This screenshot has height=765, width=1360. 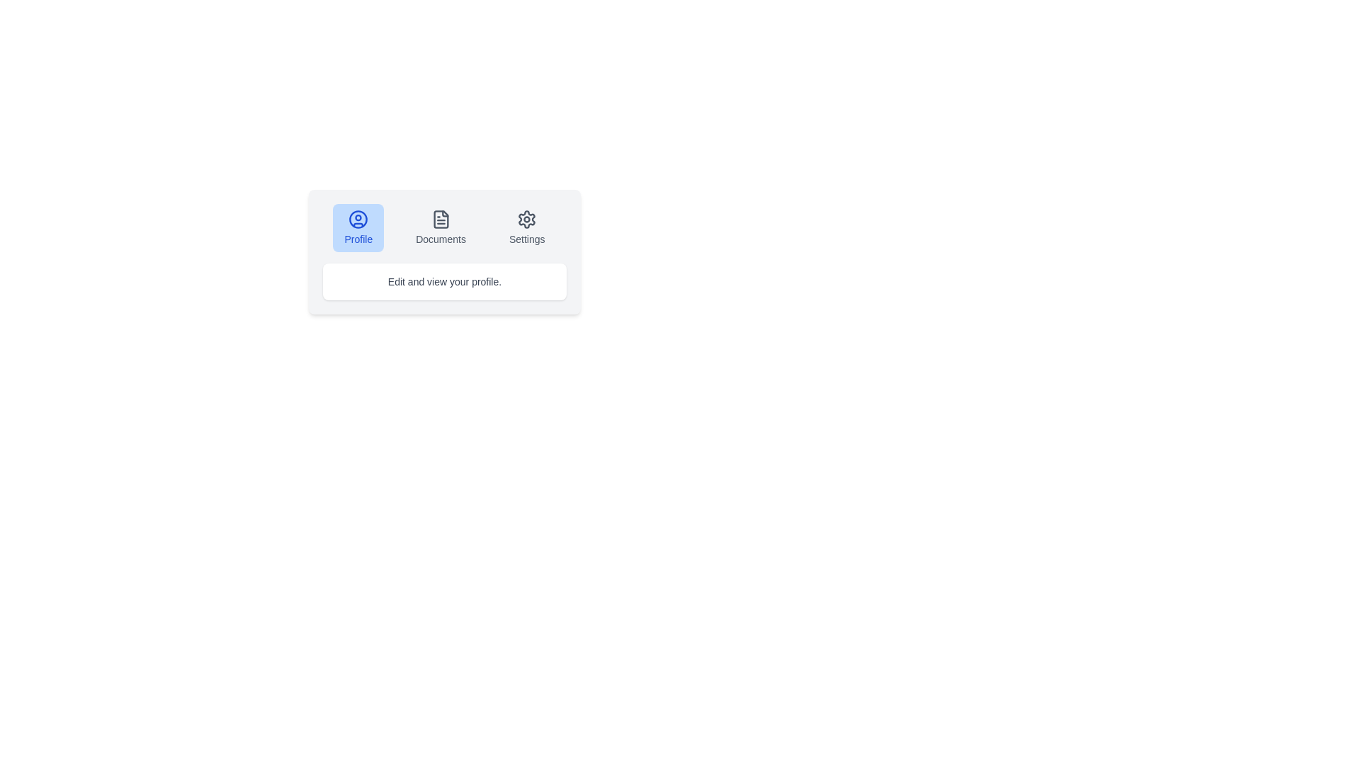 What do you see at coordinates (526, 219) in the screenshot?
I see `the decorative SVG shape that is part of the 'Settings' icon located in the top-right corner of the interface` at bounding box center [526, 219].